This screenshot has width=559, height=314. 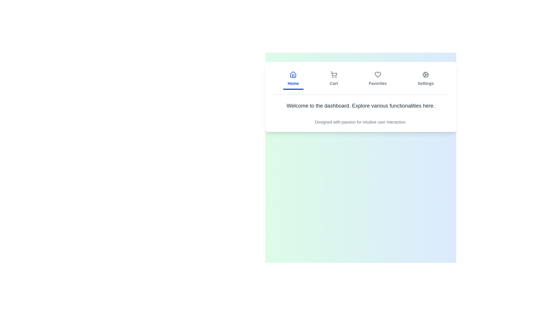 I want to click on the 'Settings' icon located in the top horizontal menu bar, which is the fourth item from the left, immediately to the right of the 'Favorites' icon, so click(x=426, y=74).